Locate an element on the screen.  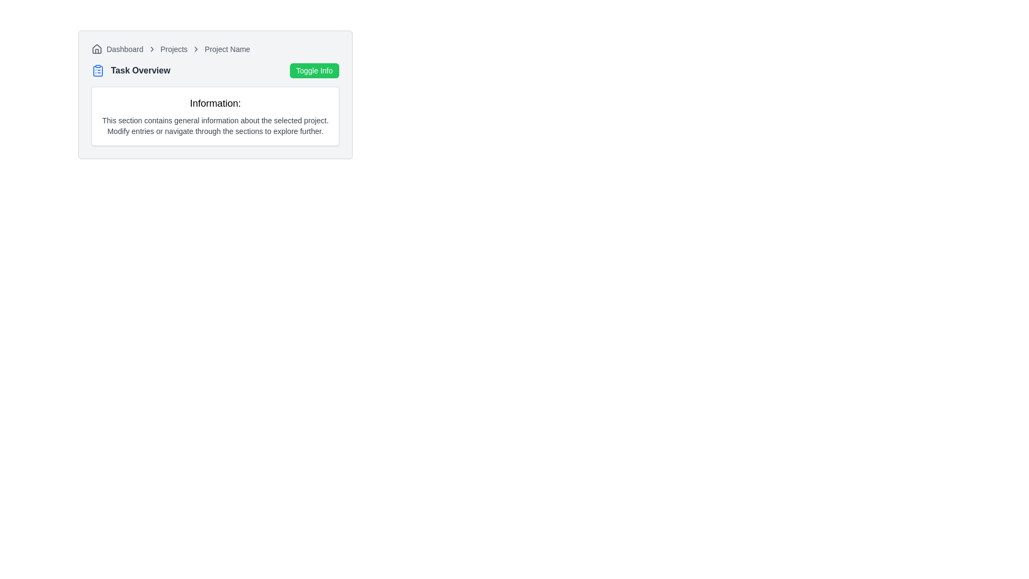
bold, enlarged text label that reads 'Information:' located at the top-left of the information section, above the descriptive paragraph is located at coordinates (215, 103).